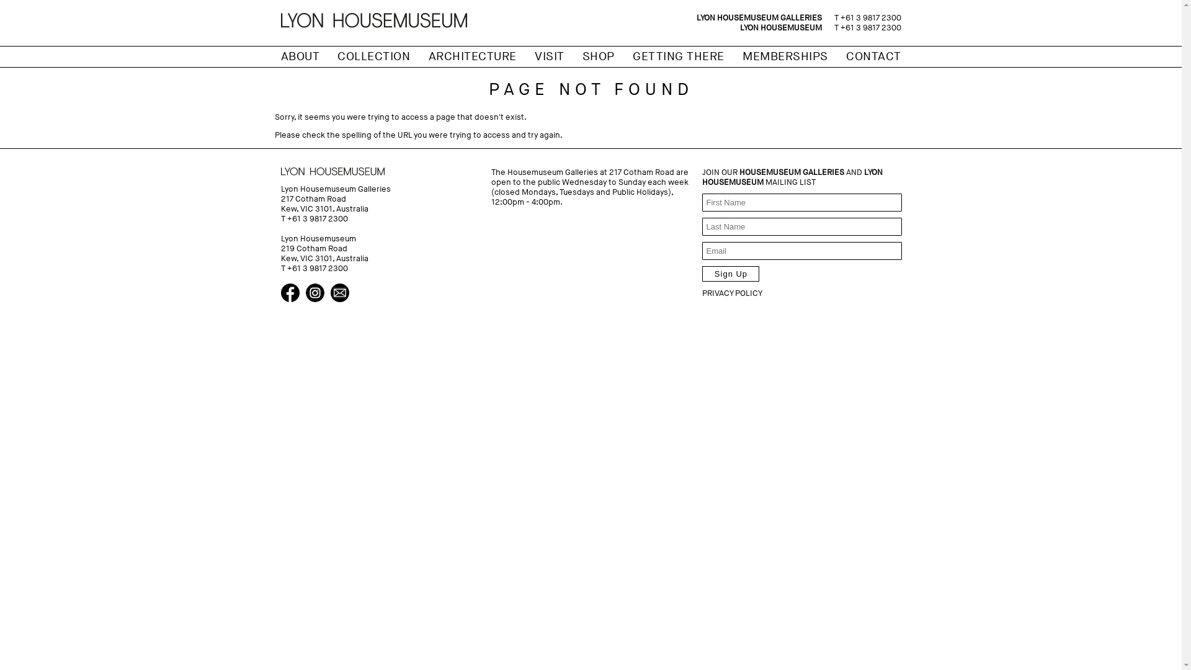 This screenshot has height=670, width=1191. I want to click on 'GETTING THERE', so click(678, 56).